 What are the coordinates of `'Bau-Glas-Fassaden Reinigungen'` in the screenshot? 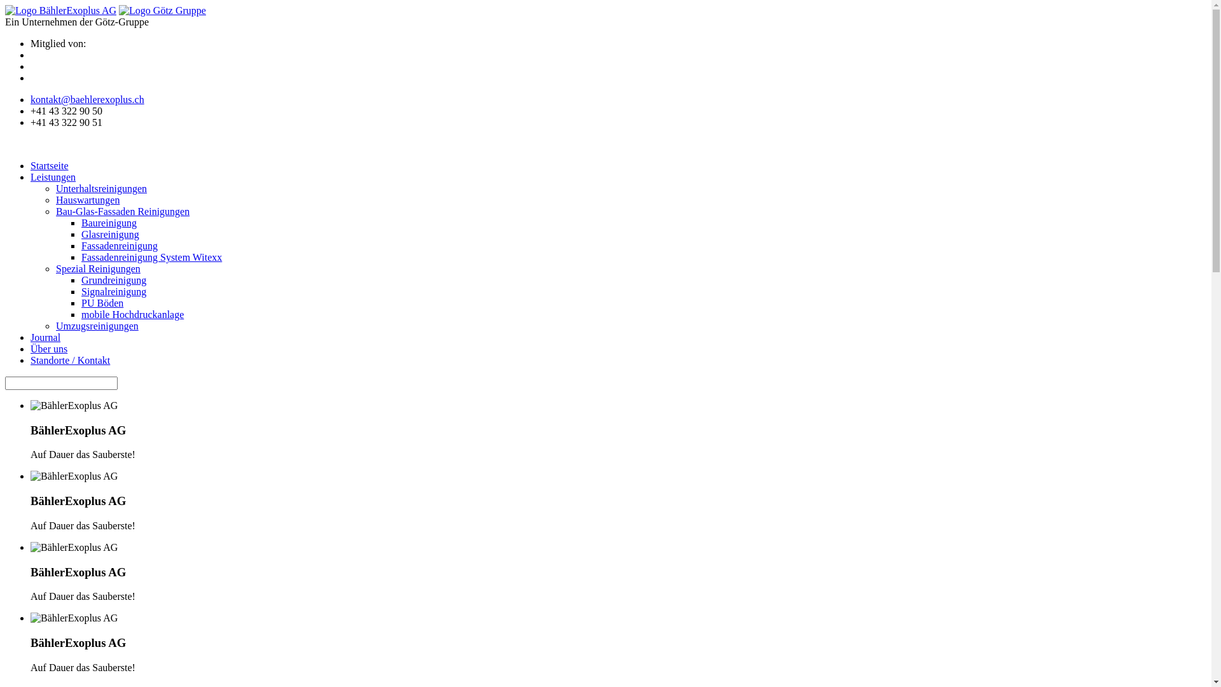 It's located at (55, 211).